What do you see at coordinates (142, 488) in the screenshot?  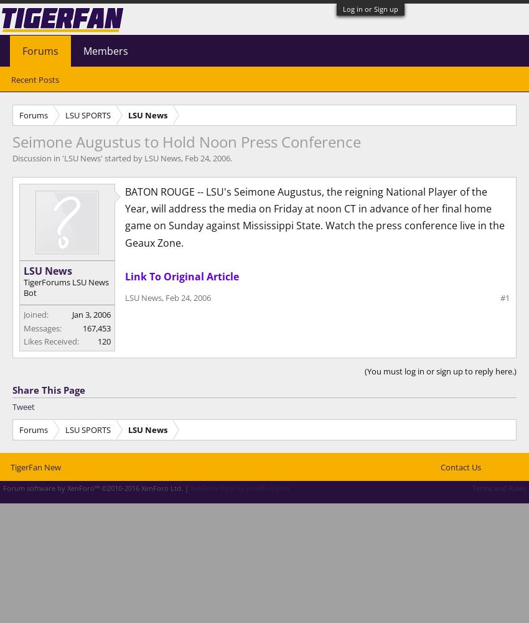 I see `'©2010-2016 XenForo Ltd.'` at bounding box center [142, 488].